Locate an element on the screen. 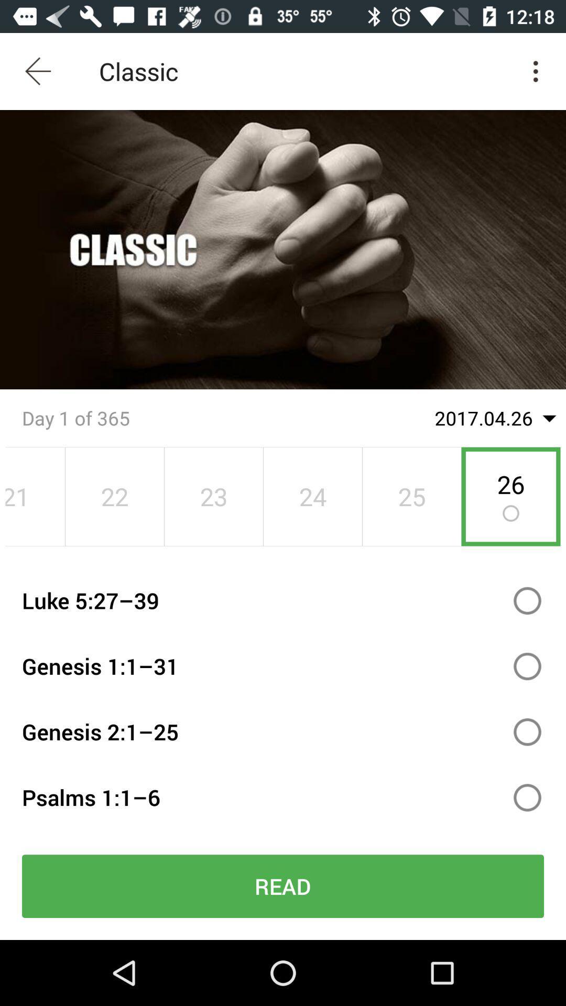  an option is located at coordinates (527, 666).